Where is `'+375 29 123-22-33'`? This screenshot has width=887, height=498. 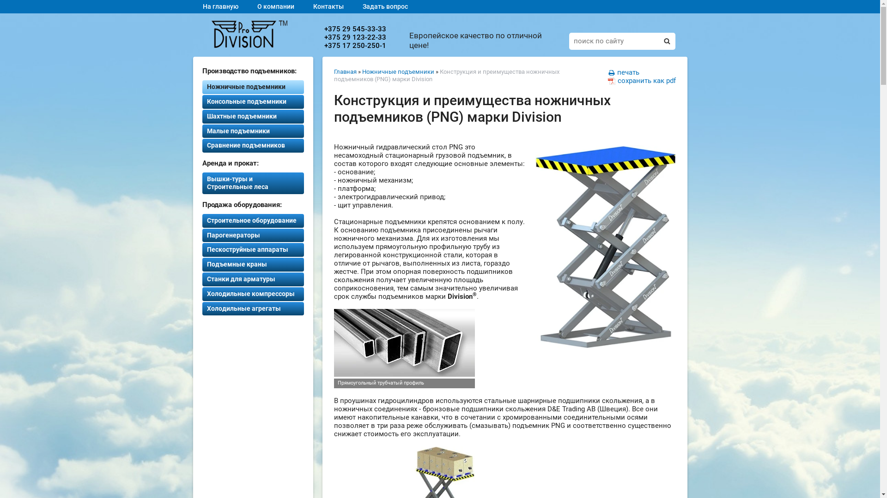 '+375 29 123-22-33' is located at coordinates (354, 37).